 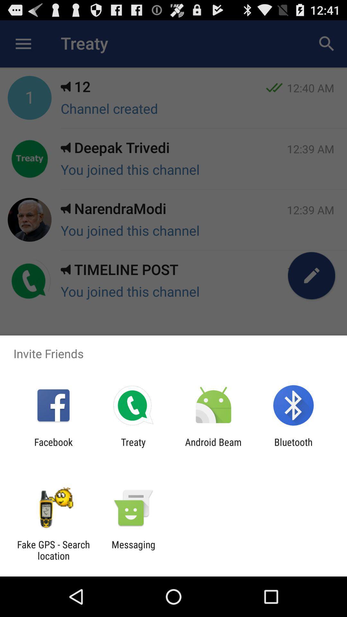 I want to click on the messaging, so click(x=133, y=550).